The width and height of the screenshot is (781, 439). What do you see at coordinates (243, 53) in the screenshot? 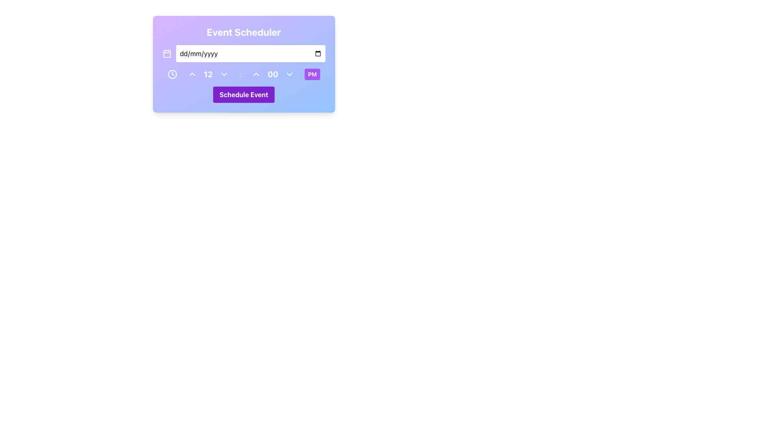
I see `the date input field in the 'Event Scheduler' interface` at bounding box center [243, 53].